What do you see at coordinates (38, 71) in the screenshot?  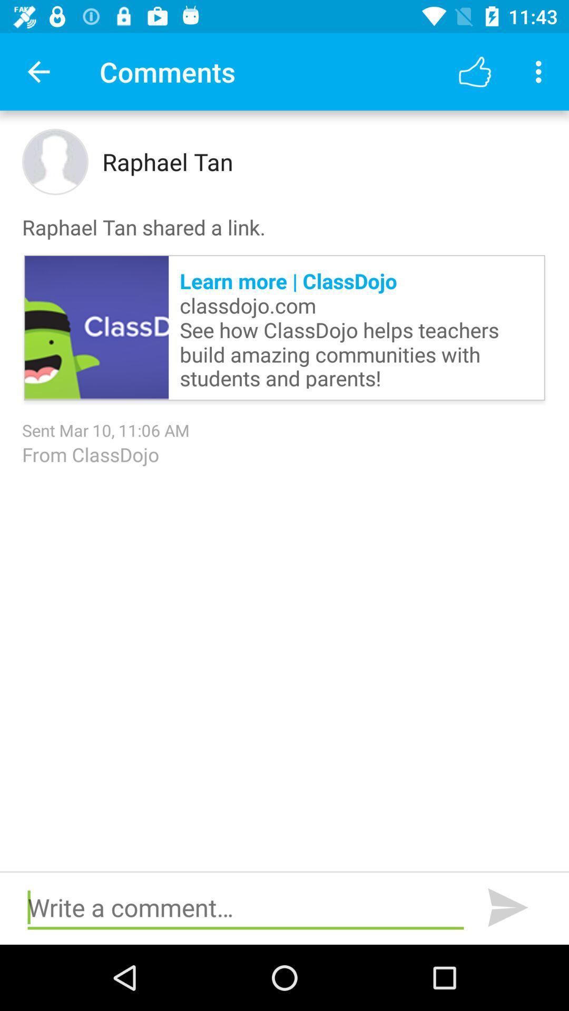 I see `the item next to the comments icon` at bounding box center [38, 71].